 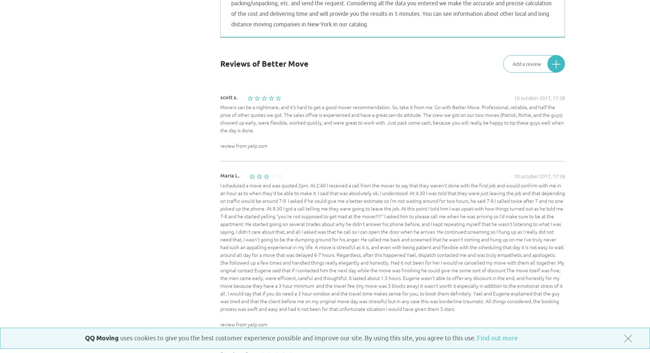 What do you see at coordinates (298, 338) in the screenshot?
I see `'uses cookies to give you the best customer experience possible and improve our site. By using this site, you agree to this use.'` at bounding box center [298, 338].